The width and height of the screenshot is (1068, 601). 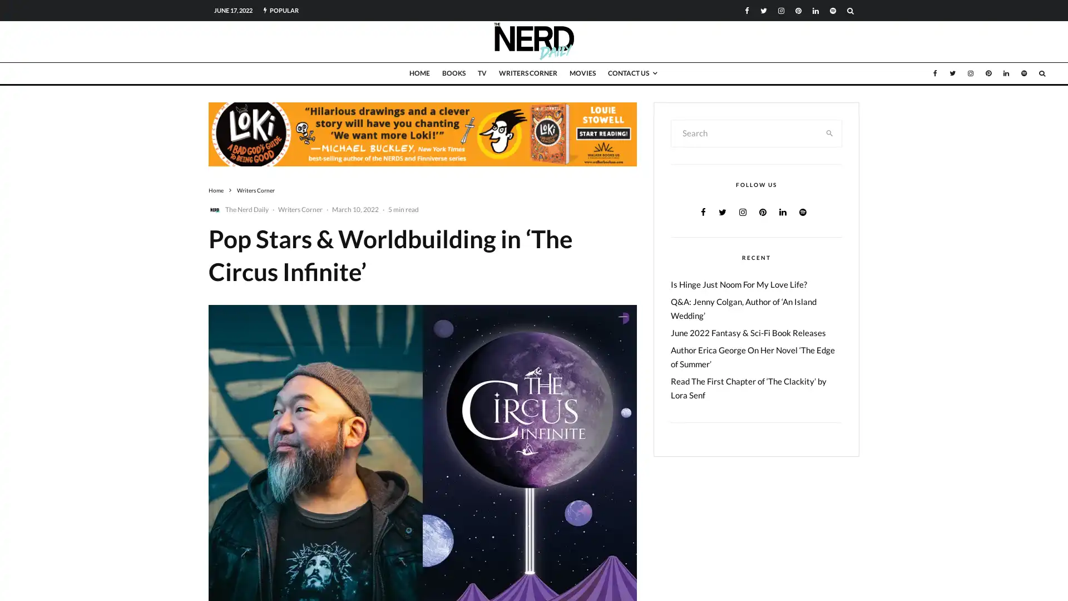 What do you see at coordinates (829, 132) in the screenshot?
I see `search` at bounding box center [829, 132].